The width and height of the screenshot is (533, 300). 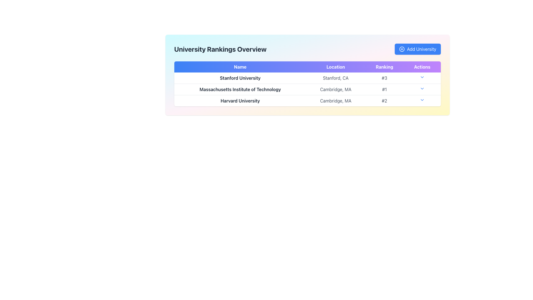 What do you see at coordinates (422, 99) in the screenshot?
I see `the small blue downward-facing chevron icon located in the 'Actions' column of the table row for 'Harvard University'` at bounding box center [422, 99].